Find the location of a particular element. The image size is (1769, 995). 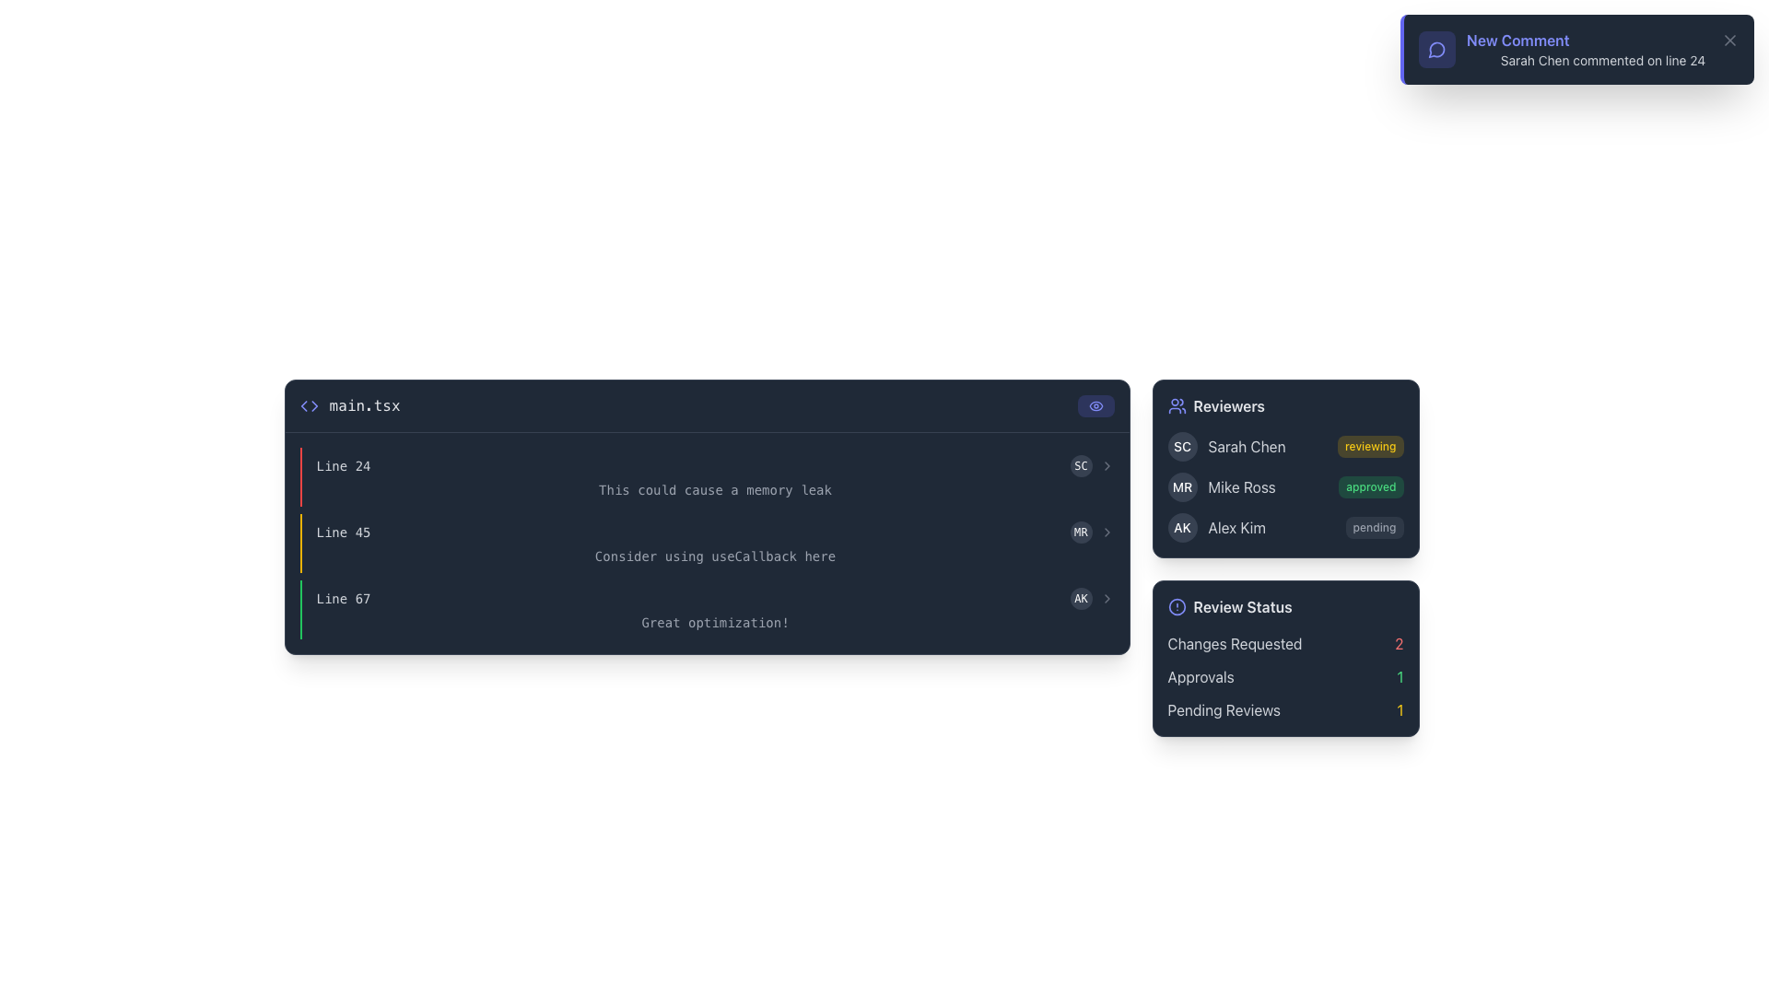

the circular avatar icon with dark gray background and white text containing the initials 'SC', located to the left of 'Sarah Chen' in the 'Reviewers' section is located at coordinates (1182, 447).